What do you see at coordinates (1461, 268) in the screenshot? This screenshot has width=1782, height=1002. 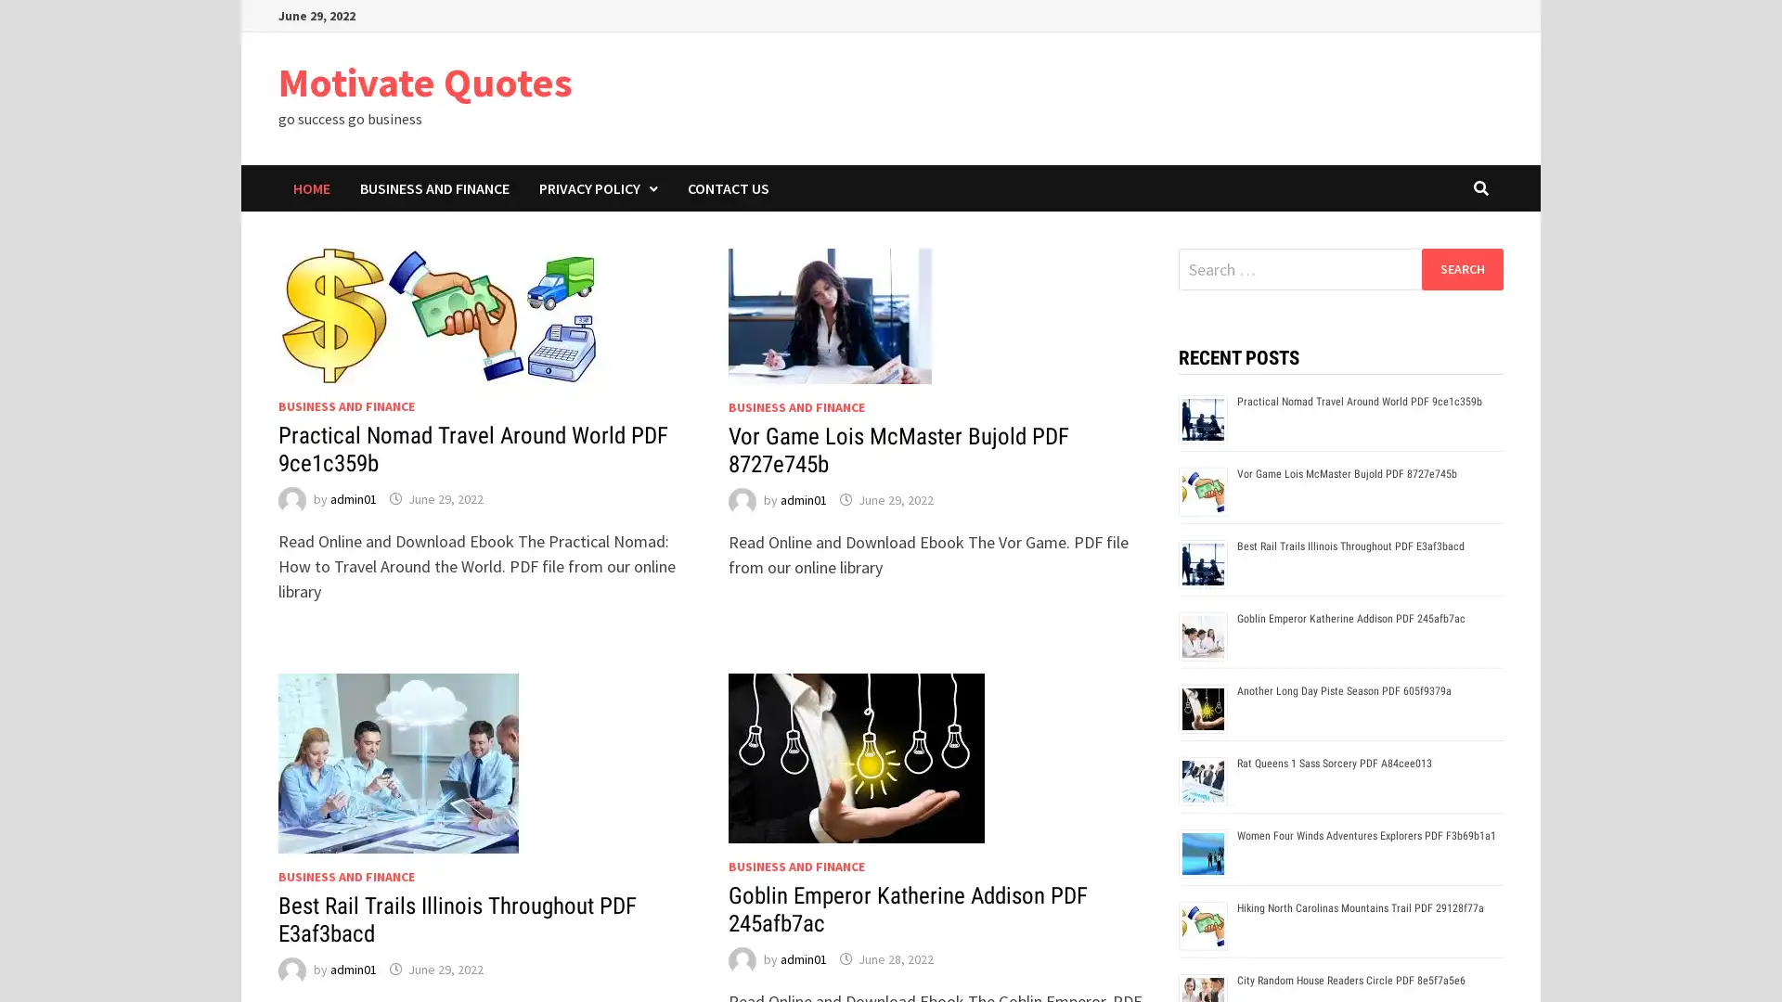 I see `Search` at bounding box center [1461, 268].